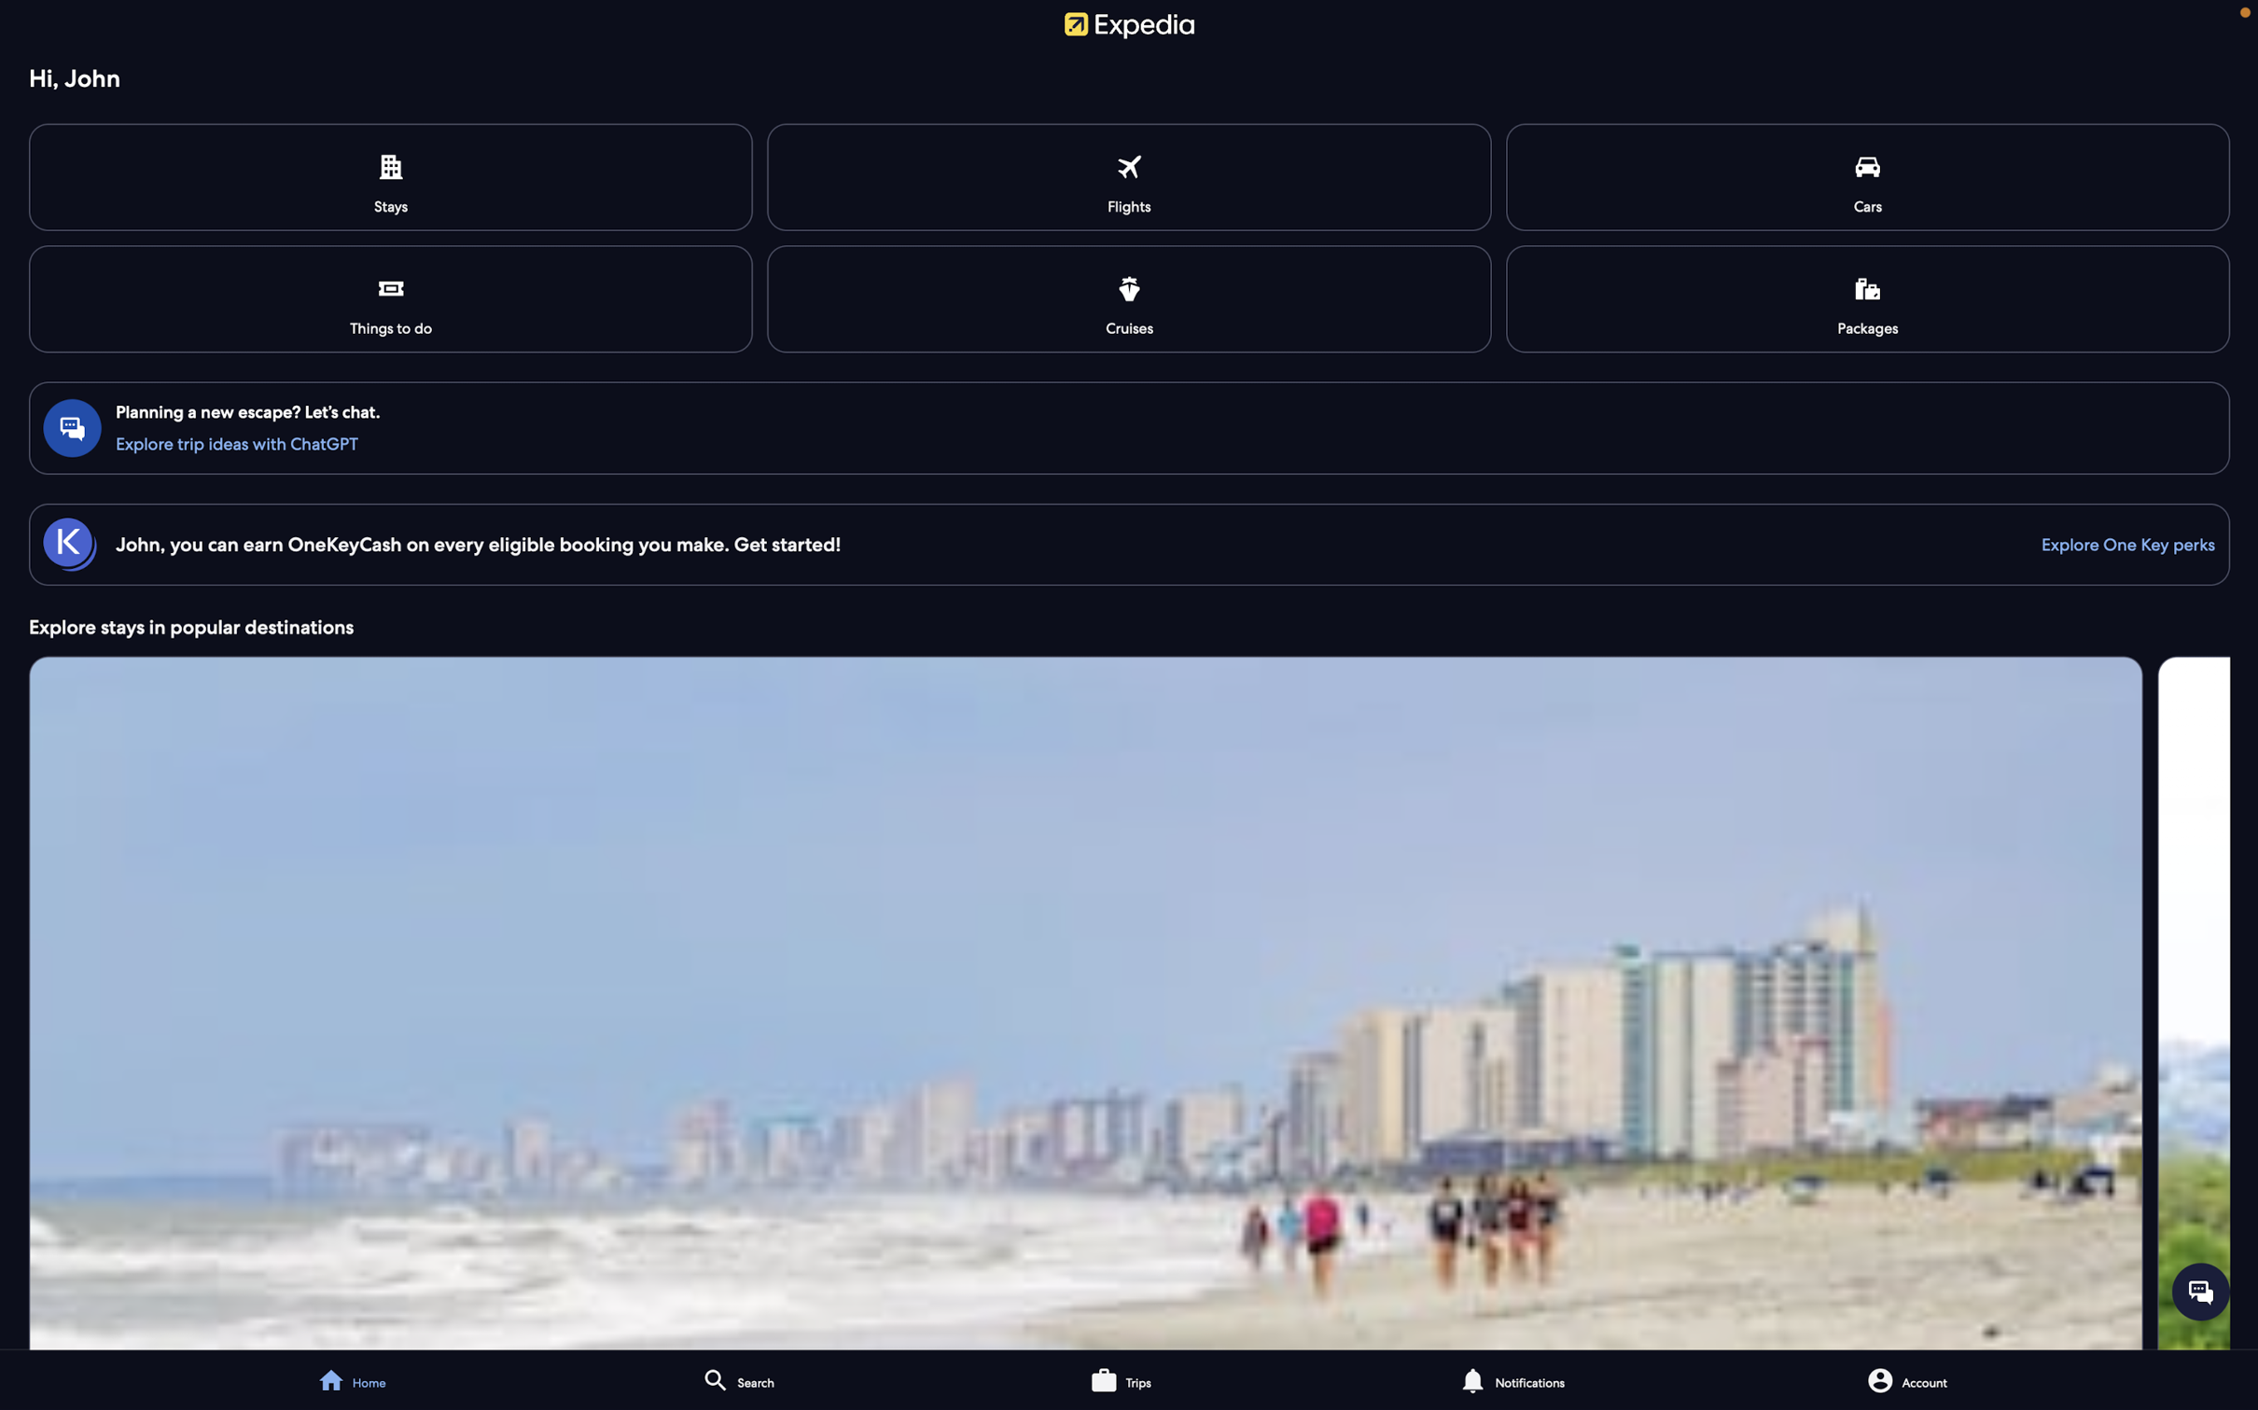 The height and width of the screenshot is (1410, 2258). What do you see at coordinates (1131, 177) in the screenshot?
I see `Look into the flight information` at bounding box center [1131, 177].